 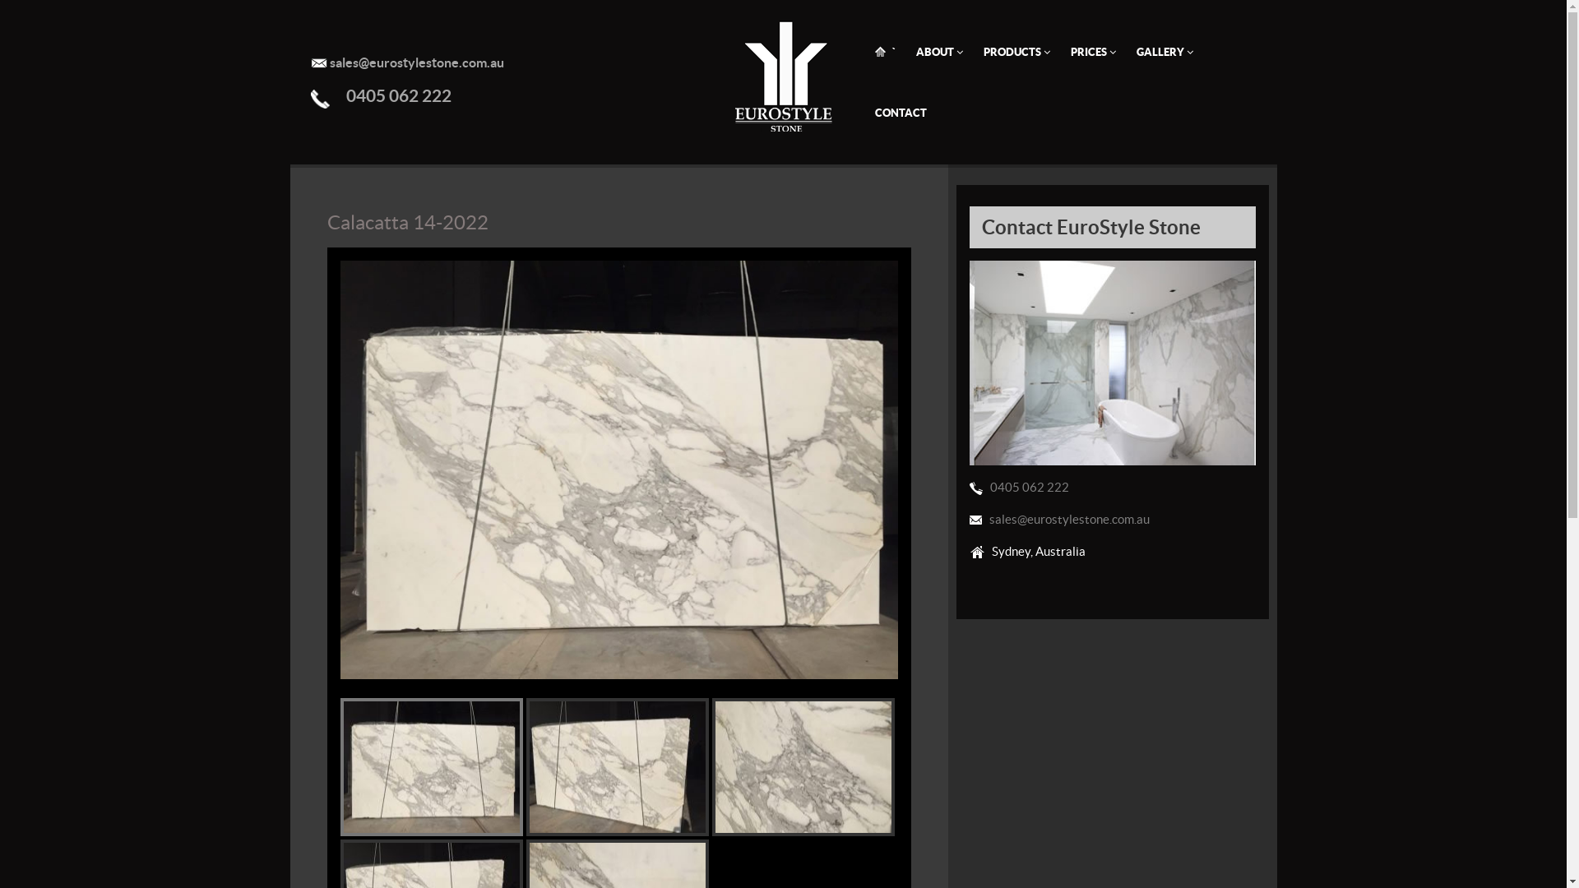 What do you see at coordinates (939, 51) in the screenshot?
I see `'ABOUT'` at bounding box center [939, 51].